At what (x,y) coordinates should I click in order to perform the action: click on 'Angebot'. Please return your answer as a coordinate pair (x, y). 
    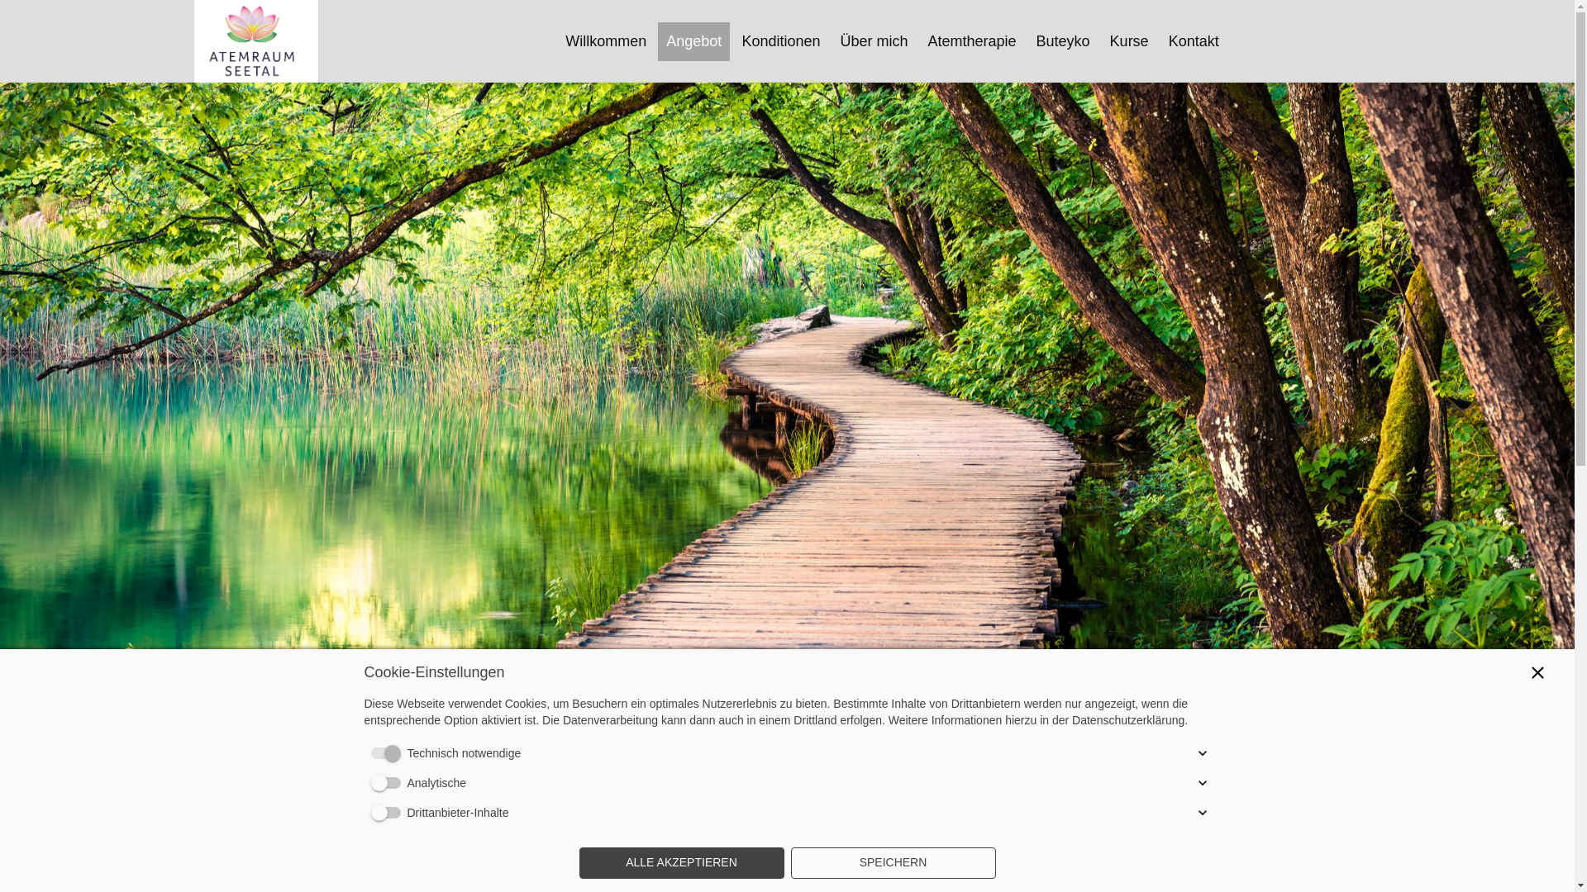
    Looking at the image, I should click on (666, 40).